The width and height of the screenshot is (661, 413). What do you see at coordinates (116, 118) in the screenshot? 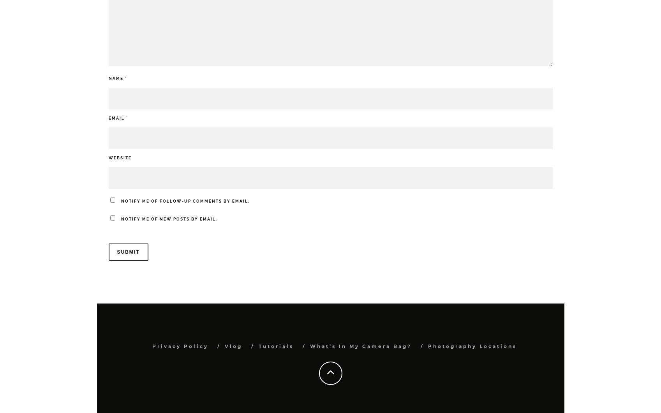
I see `'Email'` at bounding box center [116, 118].